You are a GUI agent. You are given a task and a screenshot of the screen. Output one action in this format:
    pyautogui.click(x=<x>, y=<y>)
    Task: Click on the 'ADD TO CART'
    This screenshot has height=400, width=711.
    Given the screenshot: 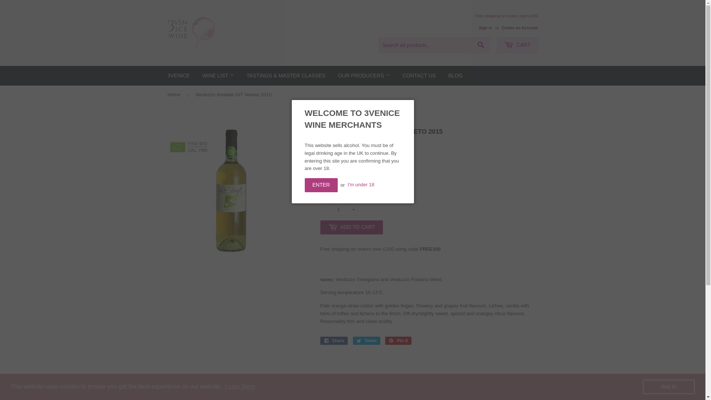 What is the action you would take?
    pyautogui.click(x=351, y=227)
    